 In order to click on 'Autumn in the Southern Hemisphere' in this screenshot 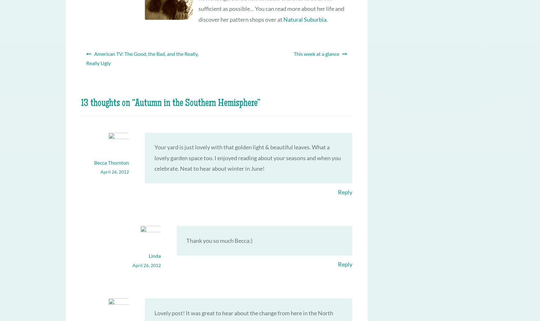, I will do `click(196, 103)`.